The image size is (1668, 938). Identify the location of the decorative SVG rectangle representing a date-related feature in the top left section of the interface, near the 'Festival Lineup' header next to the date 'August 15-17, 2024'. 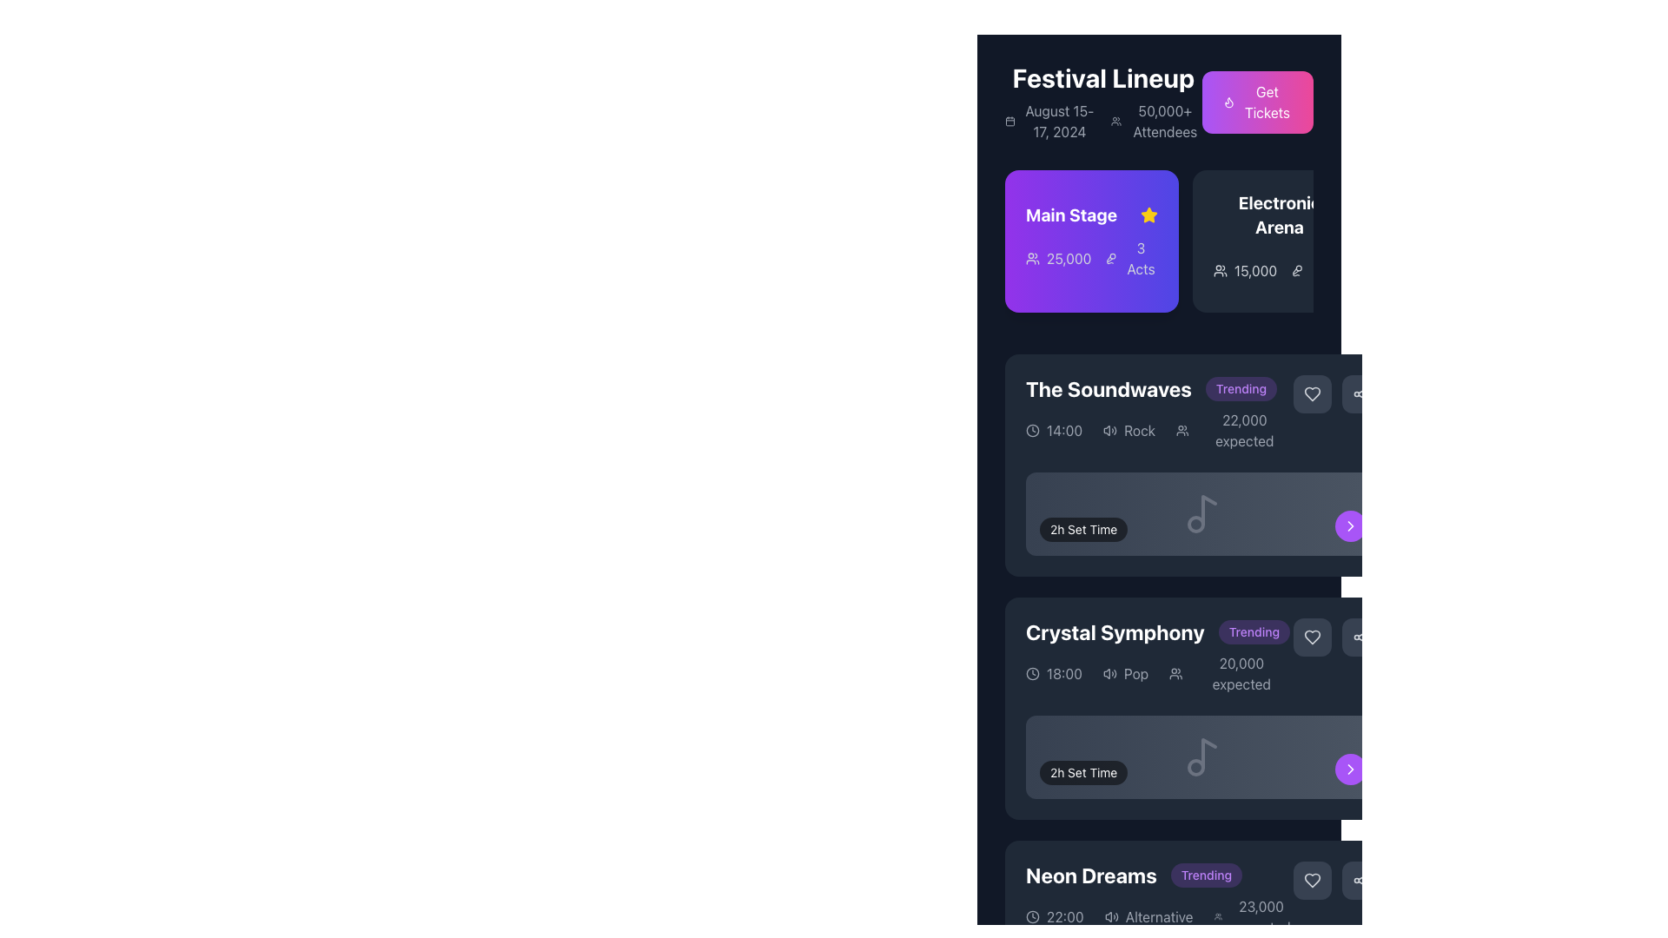
(1010, 121).